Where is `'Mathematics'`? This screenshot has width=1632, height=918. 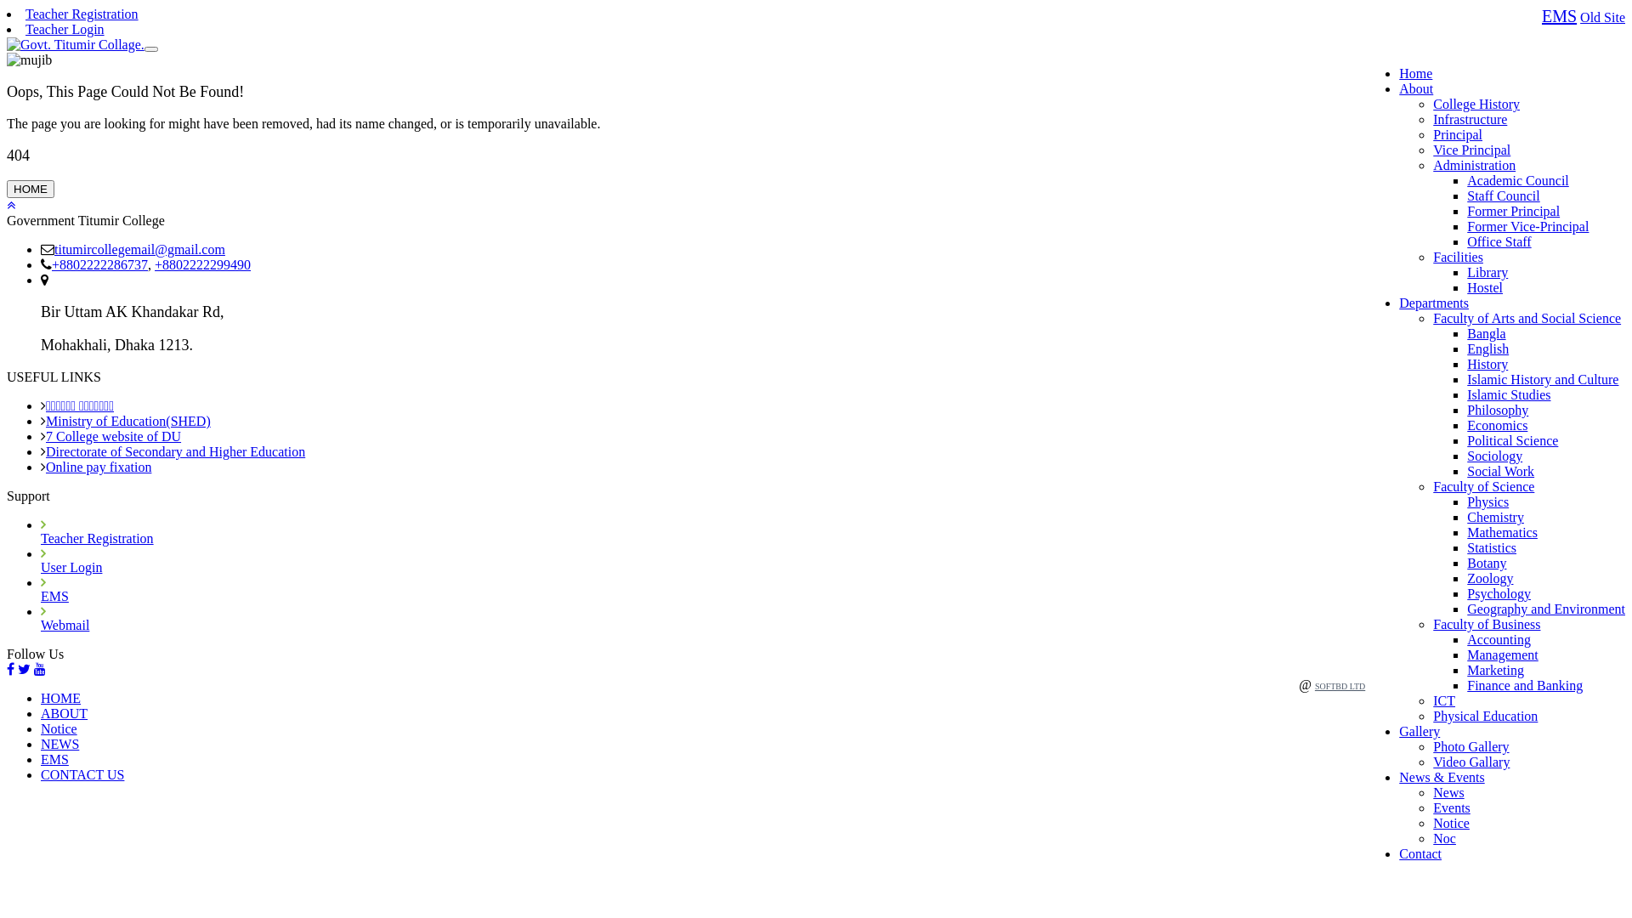 'Mathematics' is located at coordinates (1466, 531).